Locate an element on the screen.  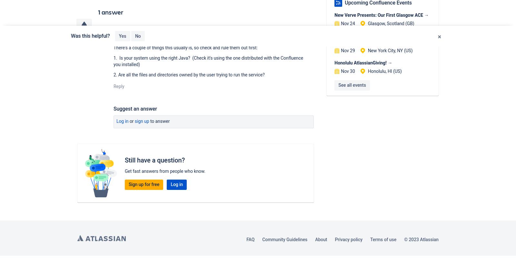
'1.  Is your system using the right Java?  (Check it's using the one distributed with the Confluence you installed)' is located at coordinates (114, 61).